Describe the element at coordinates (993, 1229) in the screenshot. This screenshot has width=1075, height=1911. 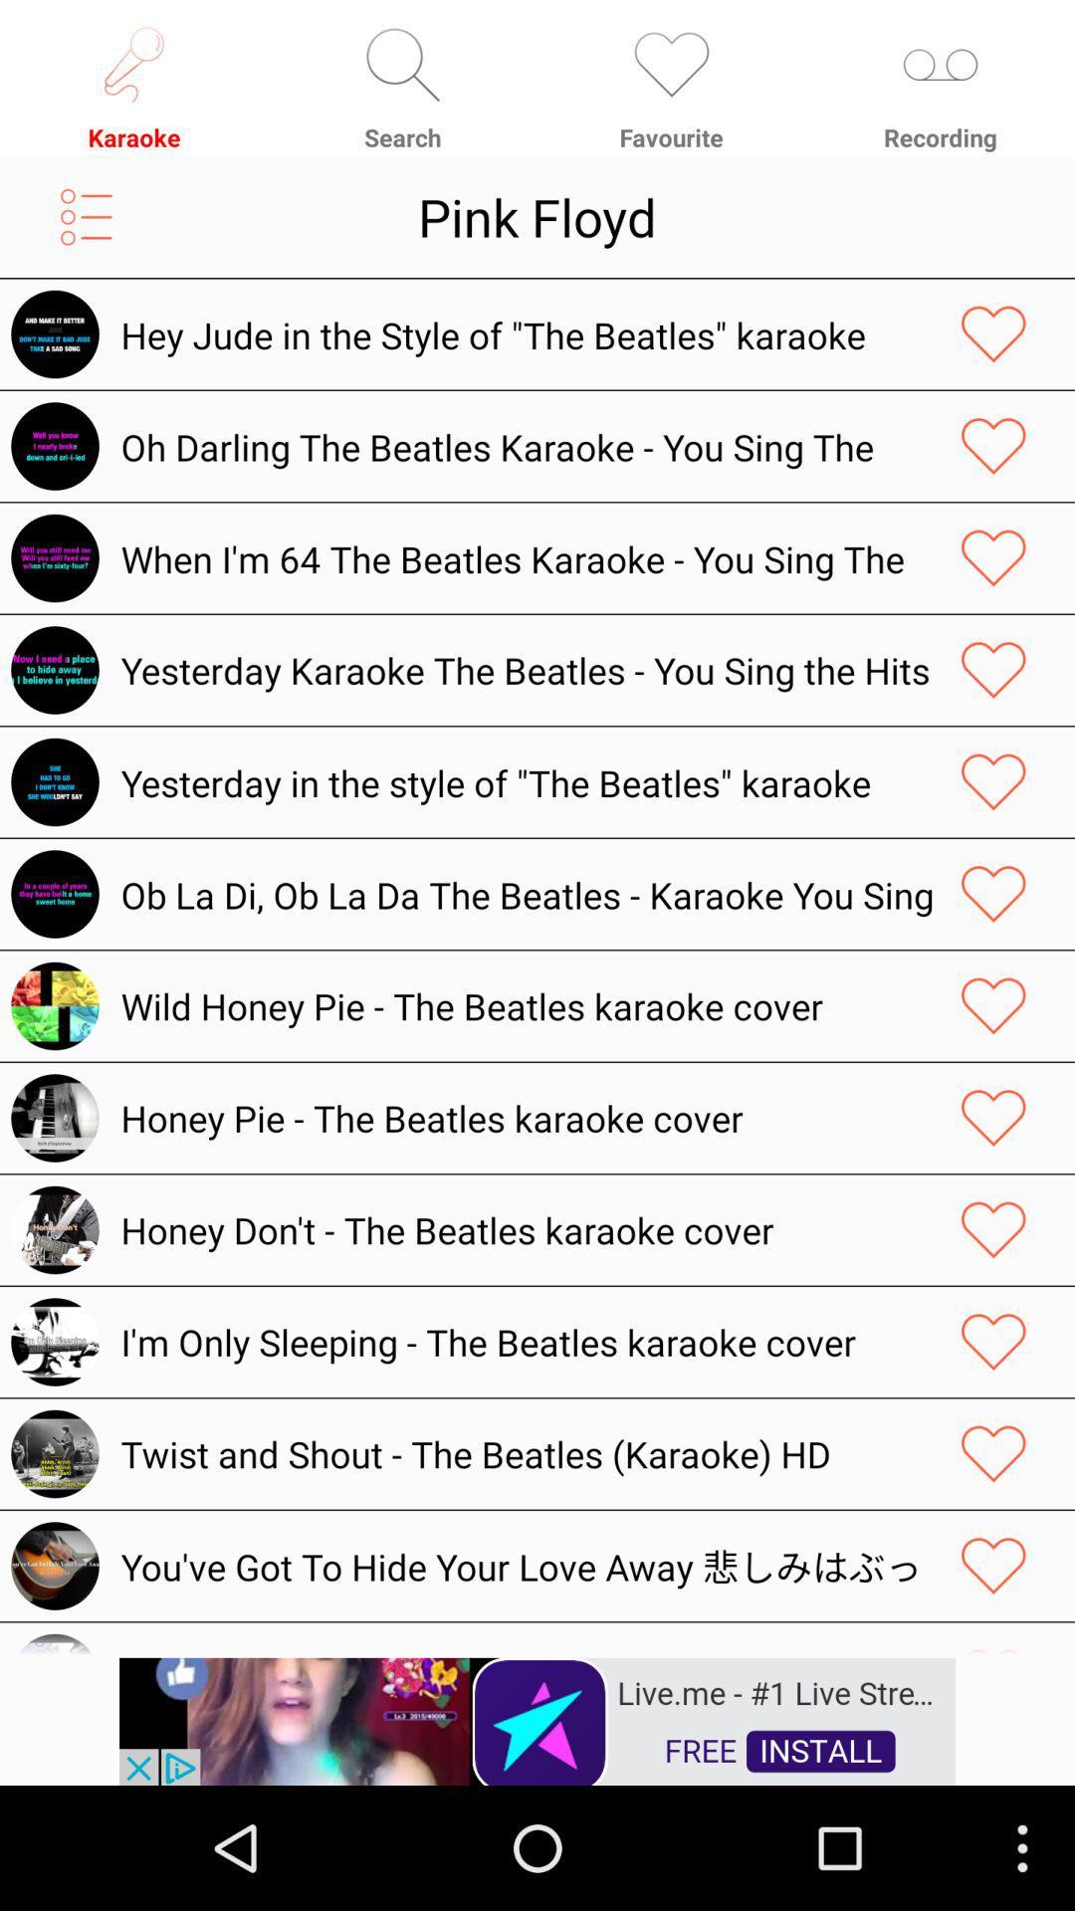
I see `favorite` at that location.